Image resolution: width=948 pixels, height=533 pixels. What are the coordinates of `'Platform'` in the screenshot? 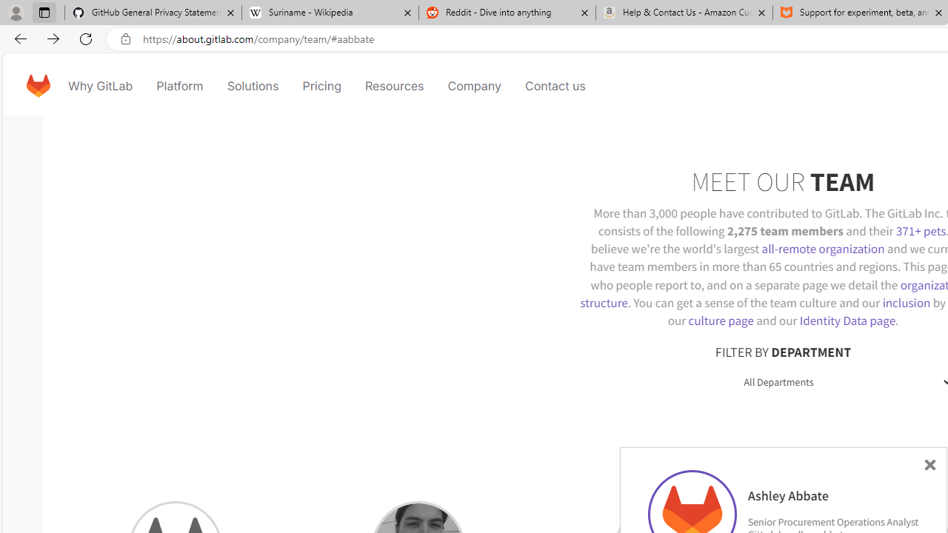 It's located at (179, 85).